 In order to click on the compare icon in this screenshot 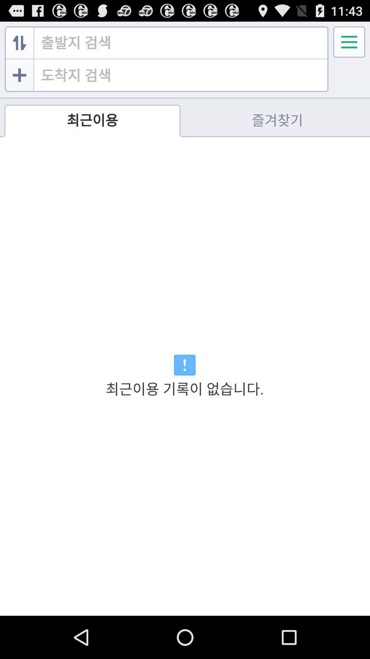, I will do `click(19, 46)`.